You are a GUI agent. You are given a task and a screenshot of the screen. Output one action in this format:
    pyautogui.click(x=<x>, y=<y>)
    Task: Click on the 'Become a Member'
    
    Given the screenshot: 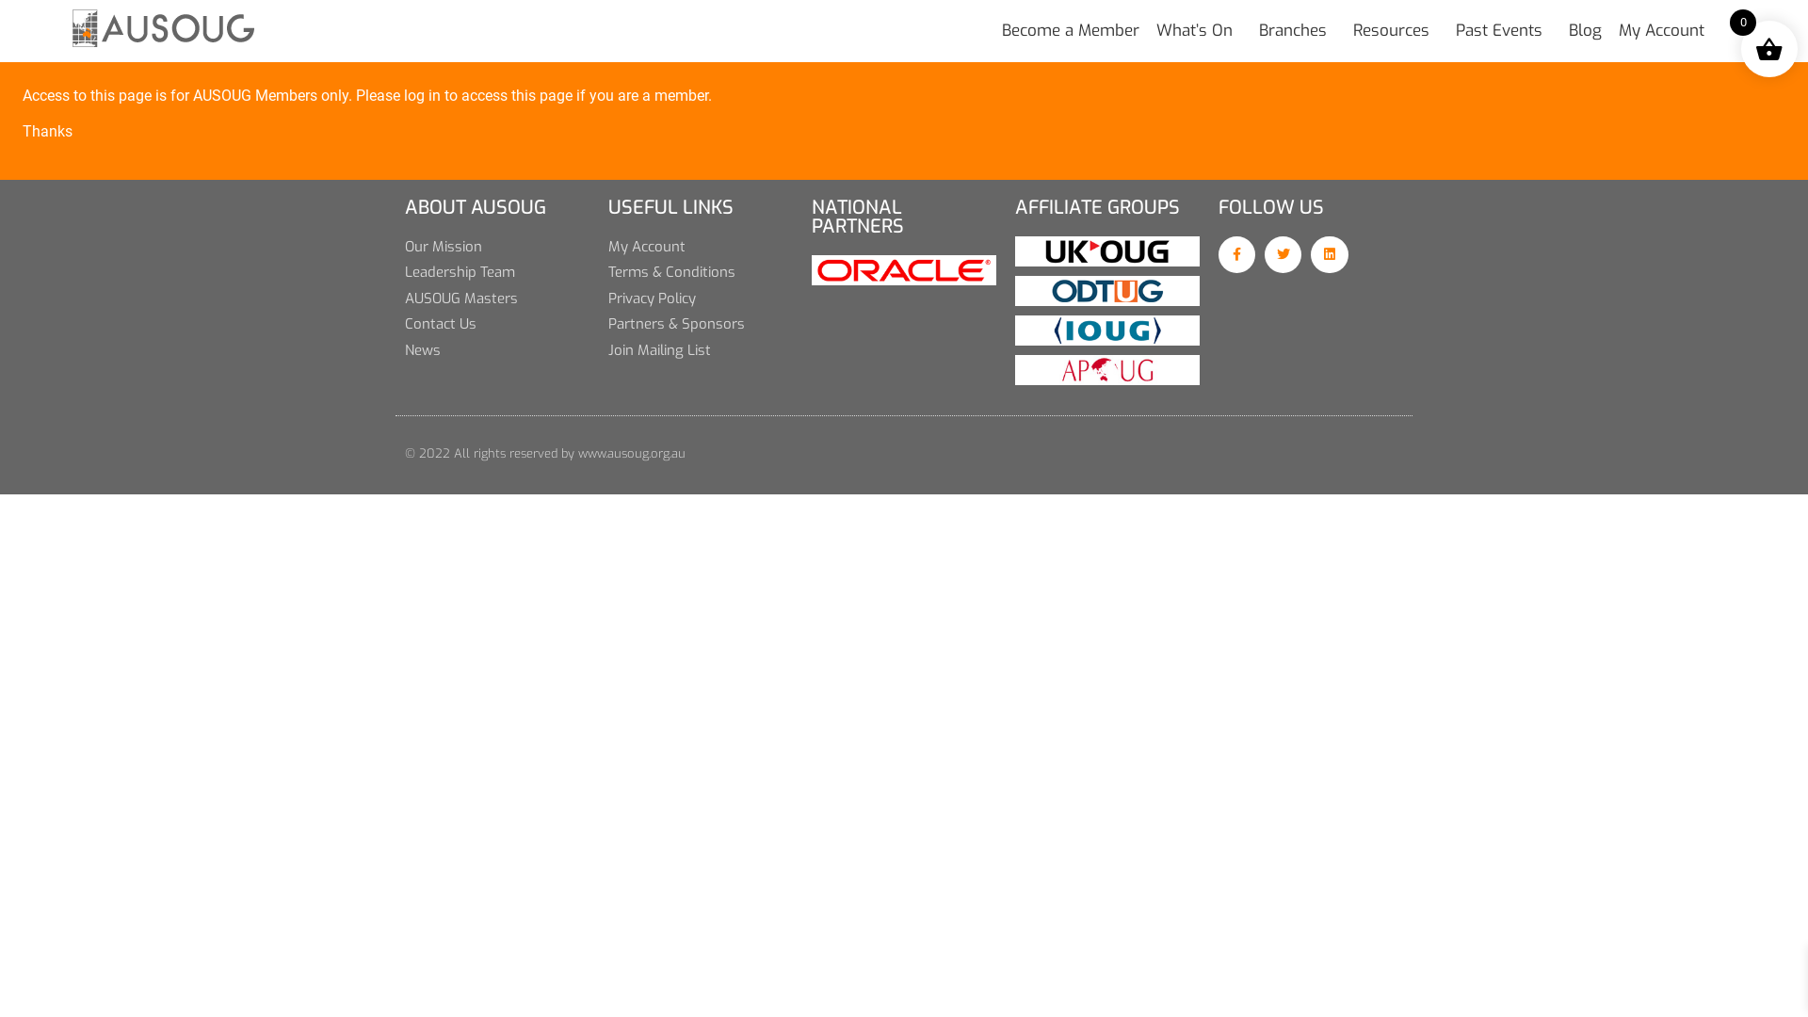 What is the action you would take?
    pyautogui.click(x=1071, y=31)
    